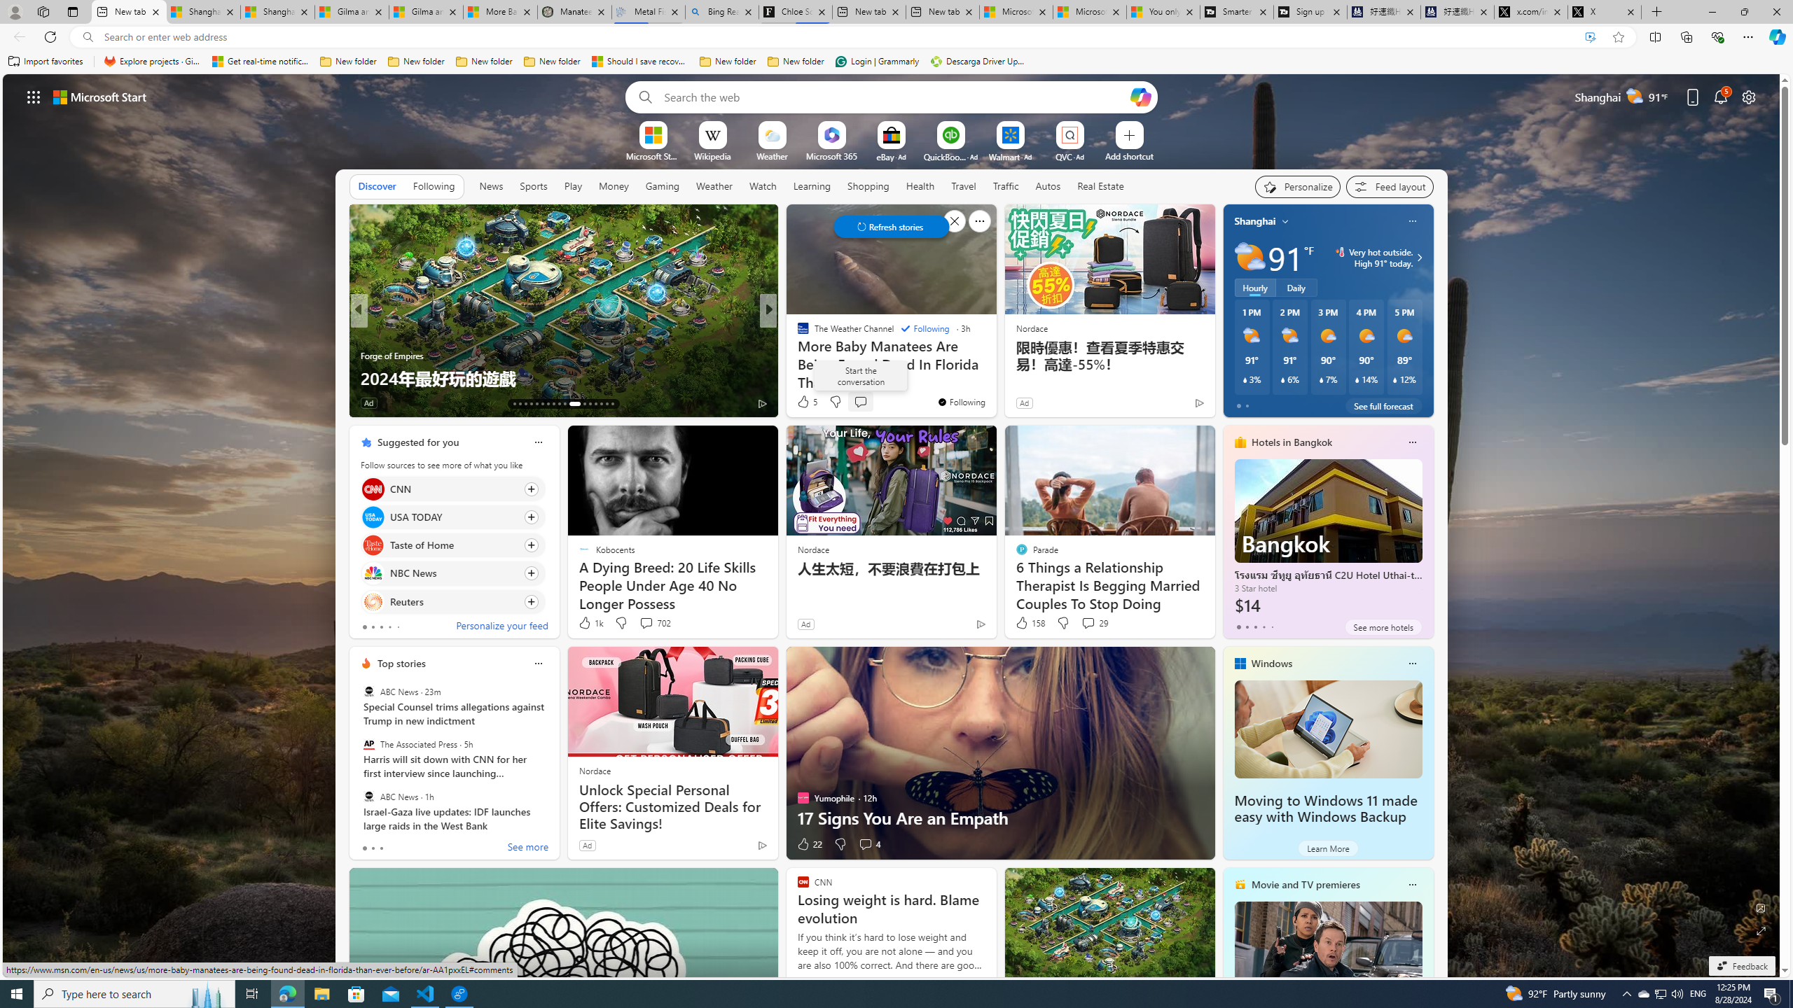 The width and height of the screenshot is (1793, 1008). Describe the element at coordinates (859, 402) in the screenshot. I see `'View comments 1 Comment'` at that location.